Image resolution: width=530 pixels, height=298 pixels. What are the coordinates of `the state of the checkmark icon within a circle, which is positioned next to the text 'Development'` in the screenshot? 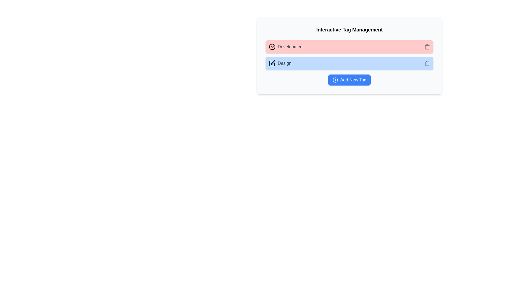 It's located at (272, 46).